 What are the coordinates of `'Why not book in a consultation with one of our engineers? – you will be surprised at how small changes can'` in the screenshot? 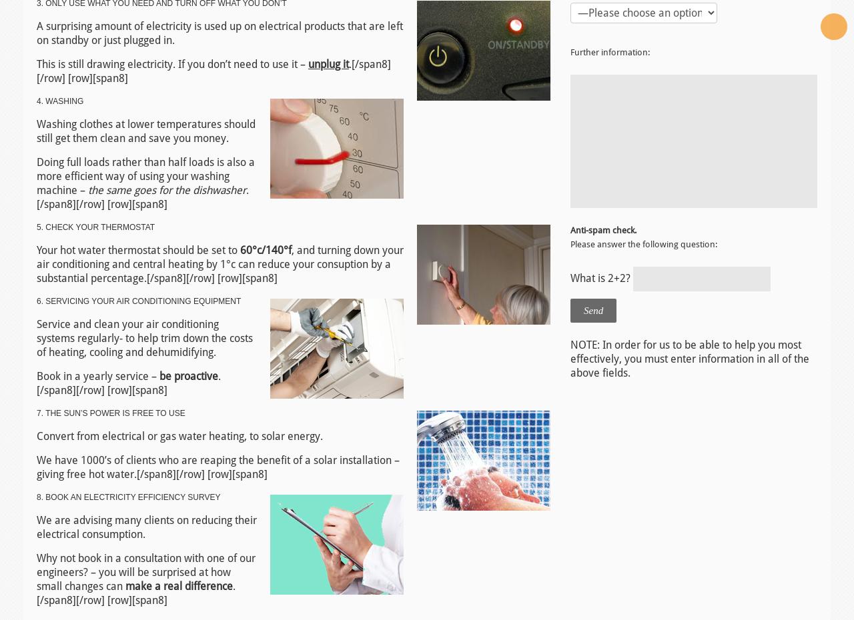 It's located at (146, 571).